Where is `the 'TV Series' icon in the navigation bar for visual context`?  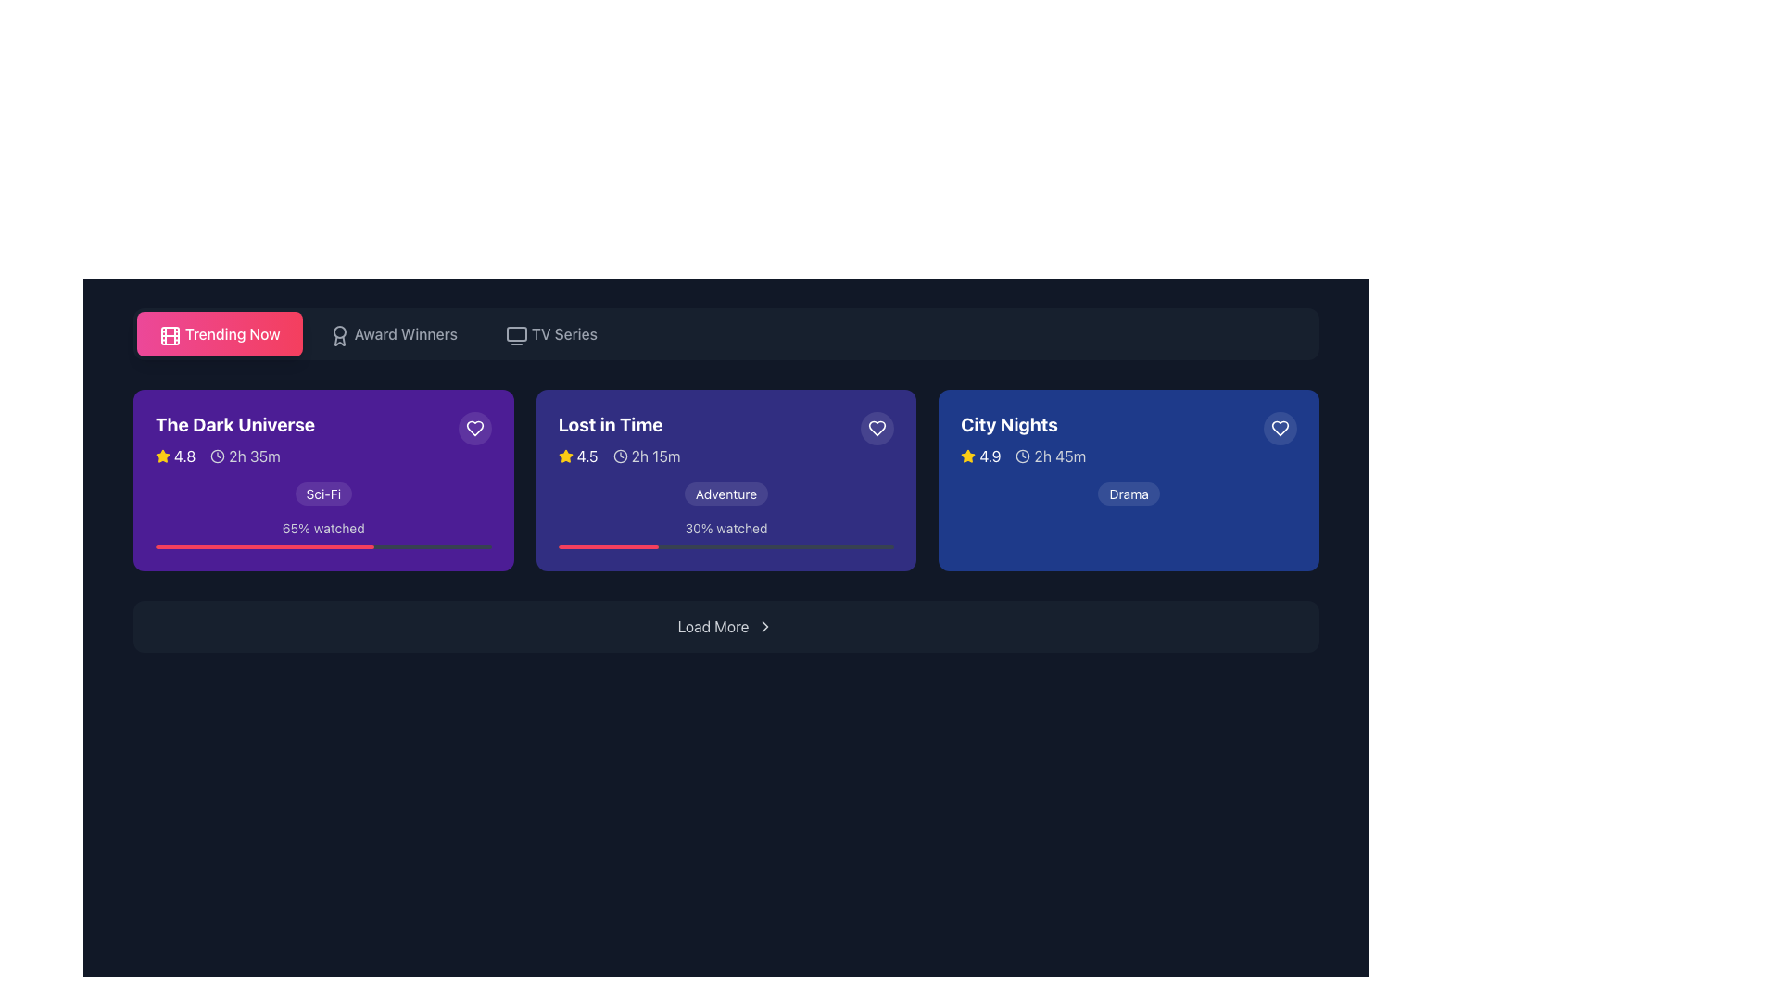 the 'TV Series' icon in the navigation bar for visual context is located at coordinates (514, 334).